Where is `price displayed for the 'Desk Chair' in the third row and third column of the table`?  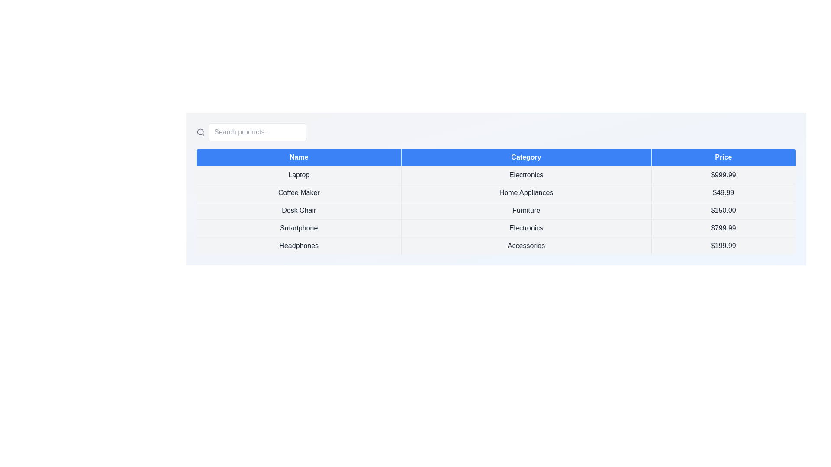
price displayed for the 'Desk Chair' in the third row and third column of the table is located at coordinates (723, 210).